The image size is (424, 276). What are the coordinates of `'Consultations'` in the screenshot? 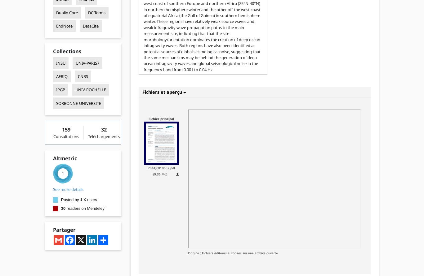 It's located at (53, 136).